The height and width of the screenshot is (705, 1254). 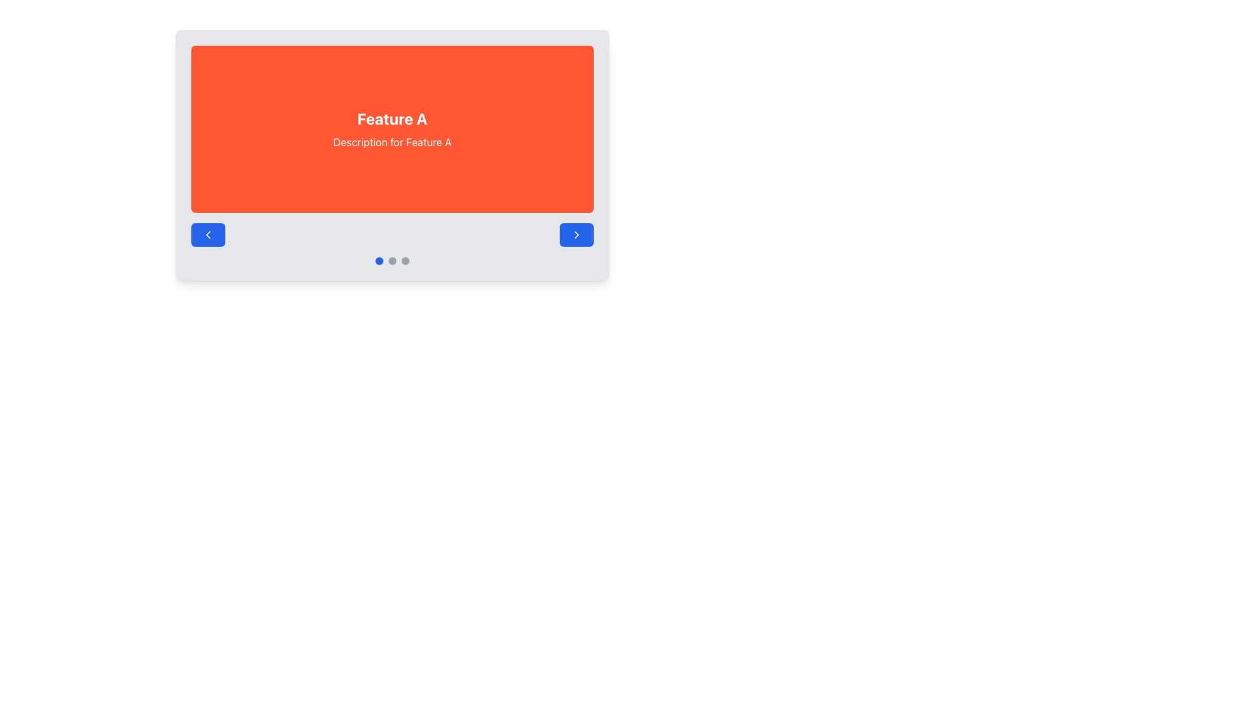 I want to click on the leftward pointing arrow icon contained within a blue circular button, so click(x=207, y=234).